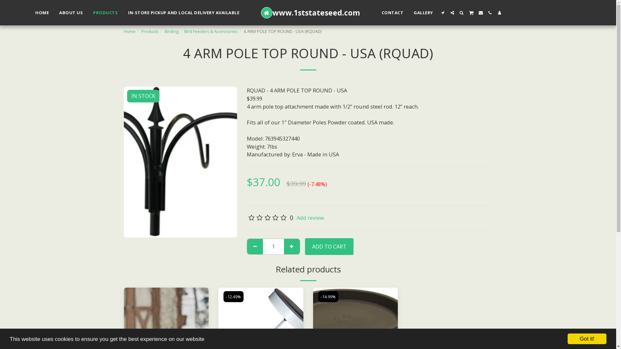  Describe the element at coordinates (183, 12) in the screenshot. I see `'IN-STORE PICKUP AND LOCAL DELIVERY AVAILABLE'` at that location.